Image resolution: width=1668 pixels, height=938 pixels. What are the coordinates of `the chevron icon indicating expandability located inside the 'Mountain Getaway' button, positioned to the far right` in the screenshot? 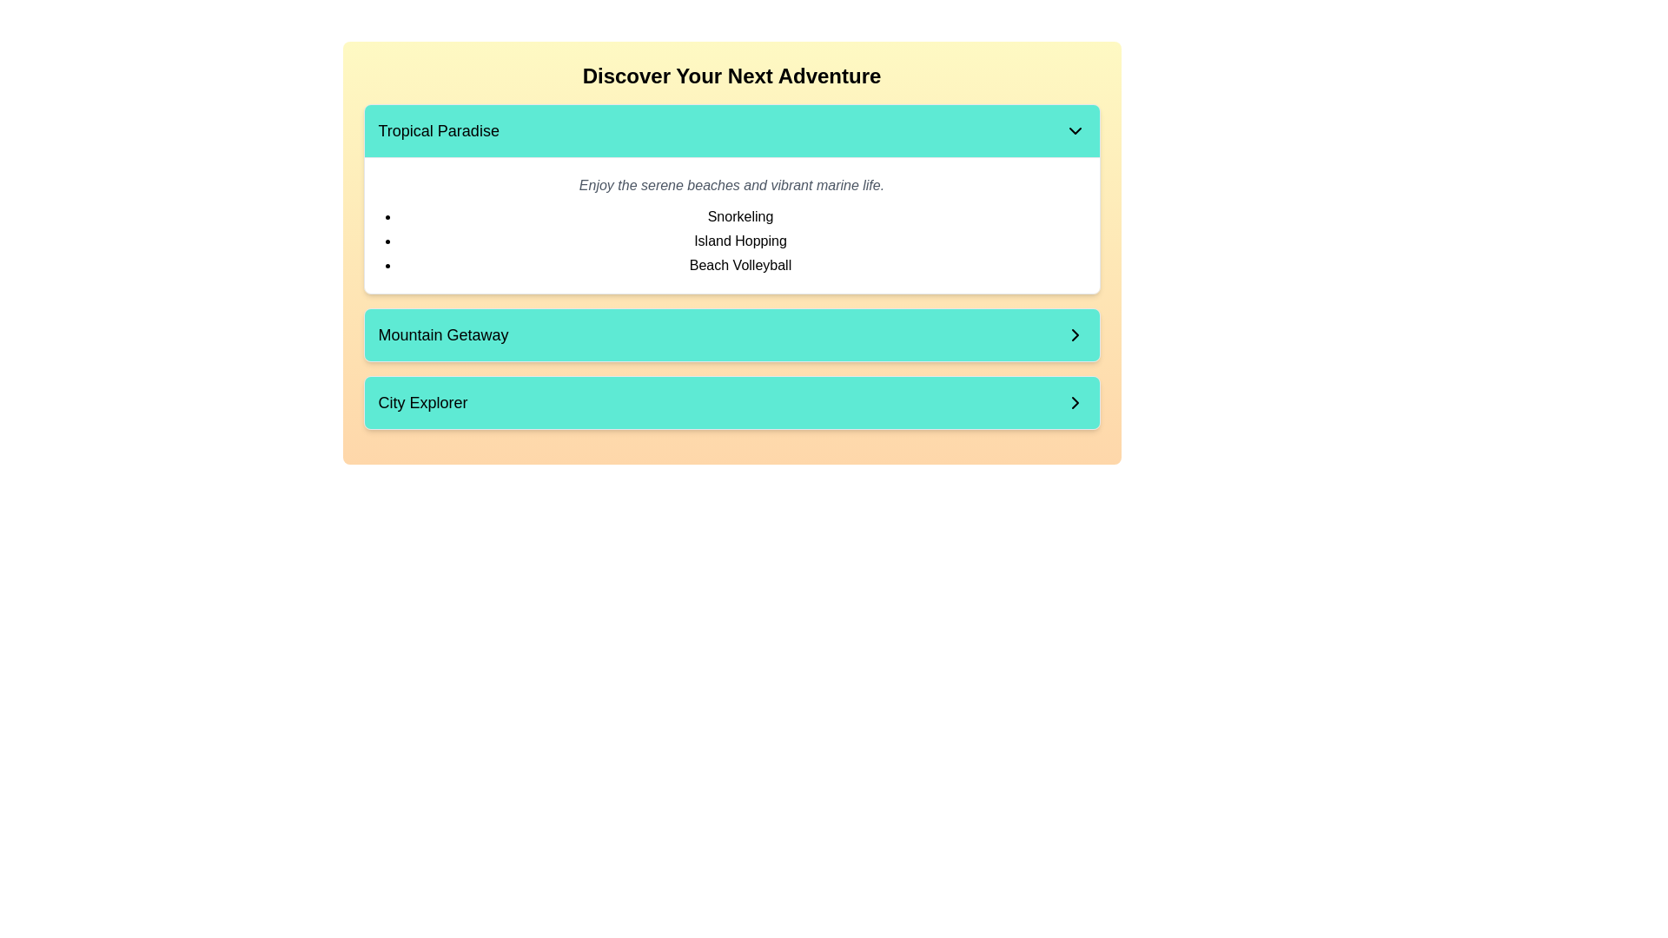 It's located at (1074, 334).